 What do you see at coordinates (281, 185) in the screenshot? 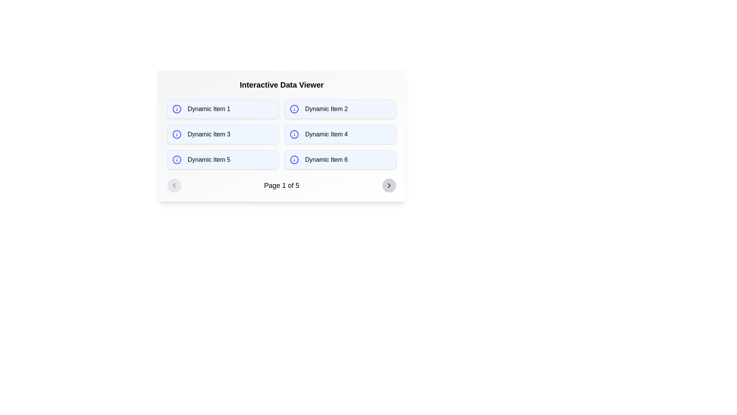
I see `the text element that displays page information, located below the grid of items and between two circular buttons` at bounding box center [281, 185].